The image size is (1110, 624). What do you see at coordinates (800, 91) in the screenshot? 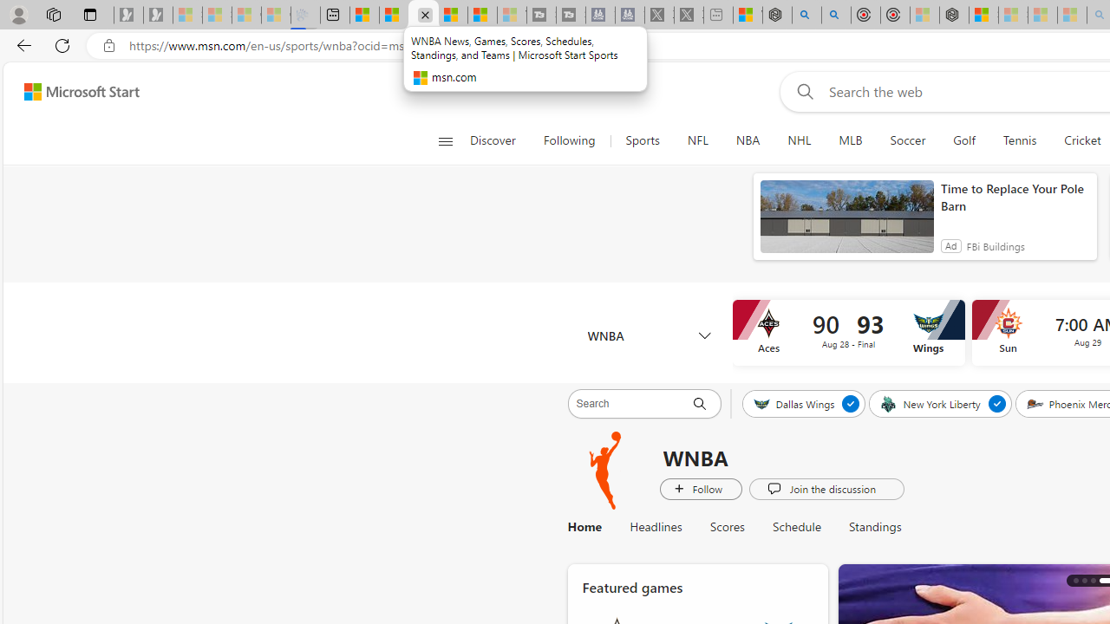
I see `'Web search'` at bounding box center [800, 91].